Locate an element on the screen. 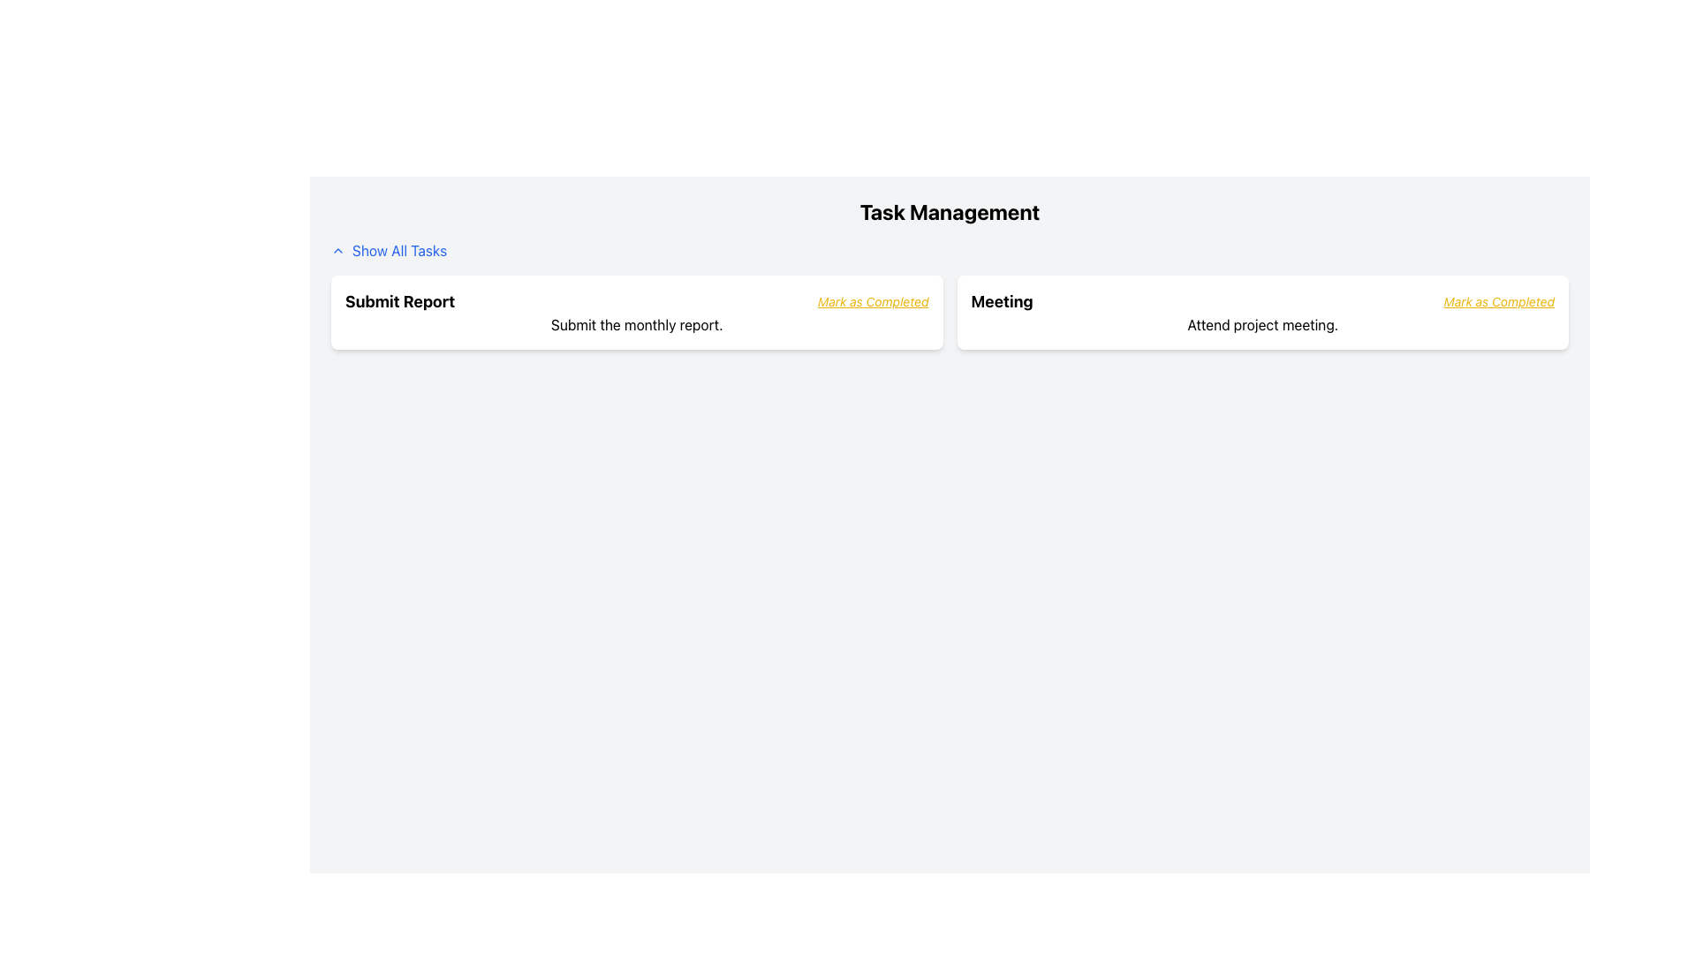 The image size is (1696, 954). the textual link styled in italicized, underlined yellow font with the text 'Mark as Completed', located on the right side of the 'Meeting' text is located at coordinates (1498, 301).